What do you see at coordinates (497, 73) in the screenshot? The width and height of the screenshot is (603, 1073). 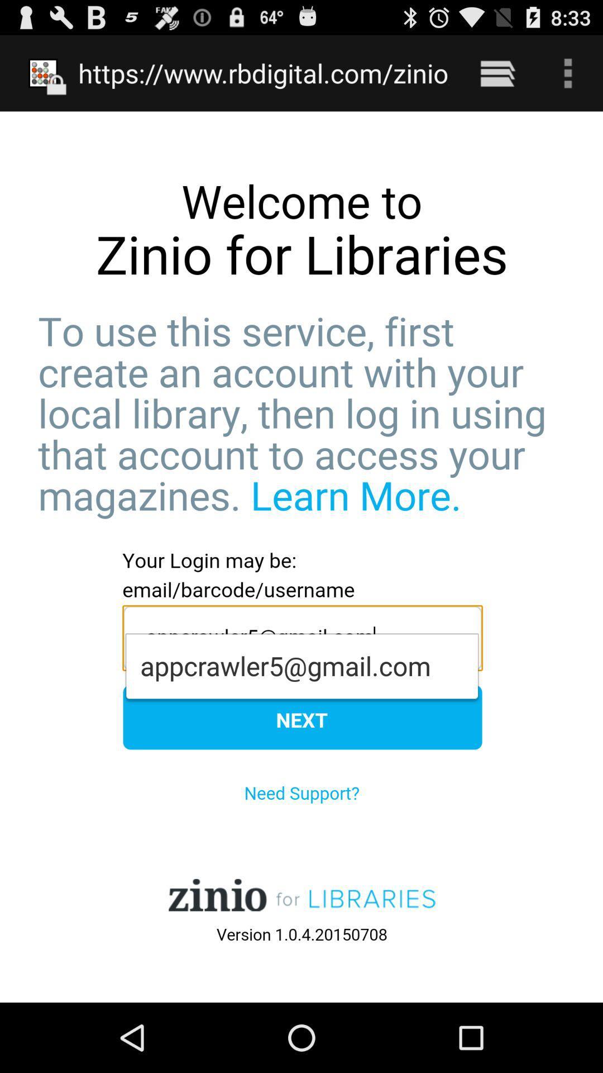 I see `the icon to the right of https www rbdigital icon` at bounding box center [497, 73].